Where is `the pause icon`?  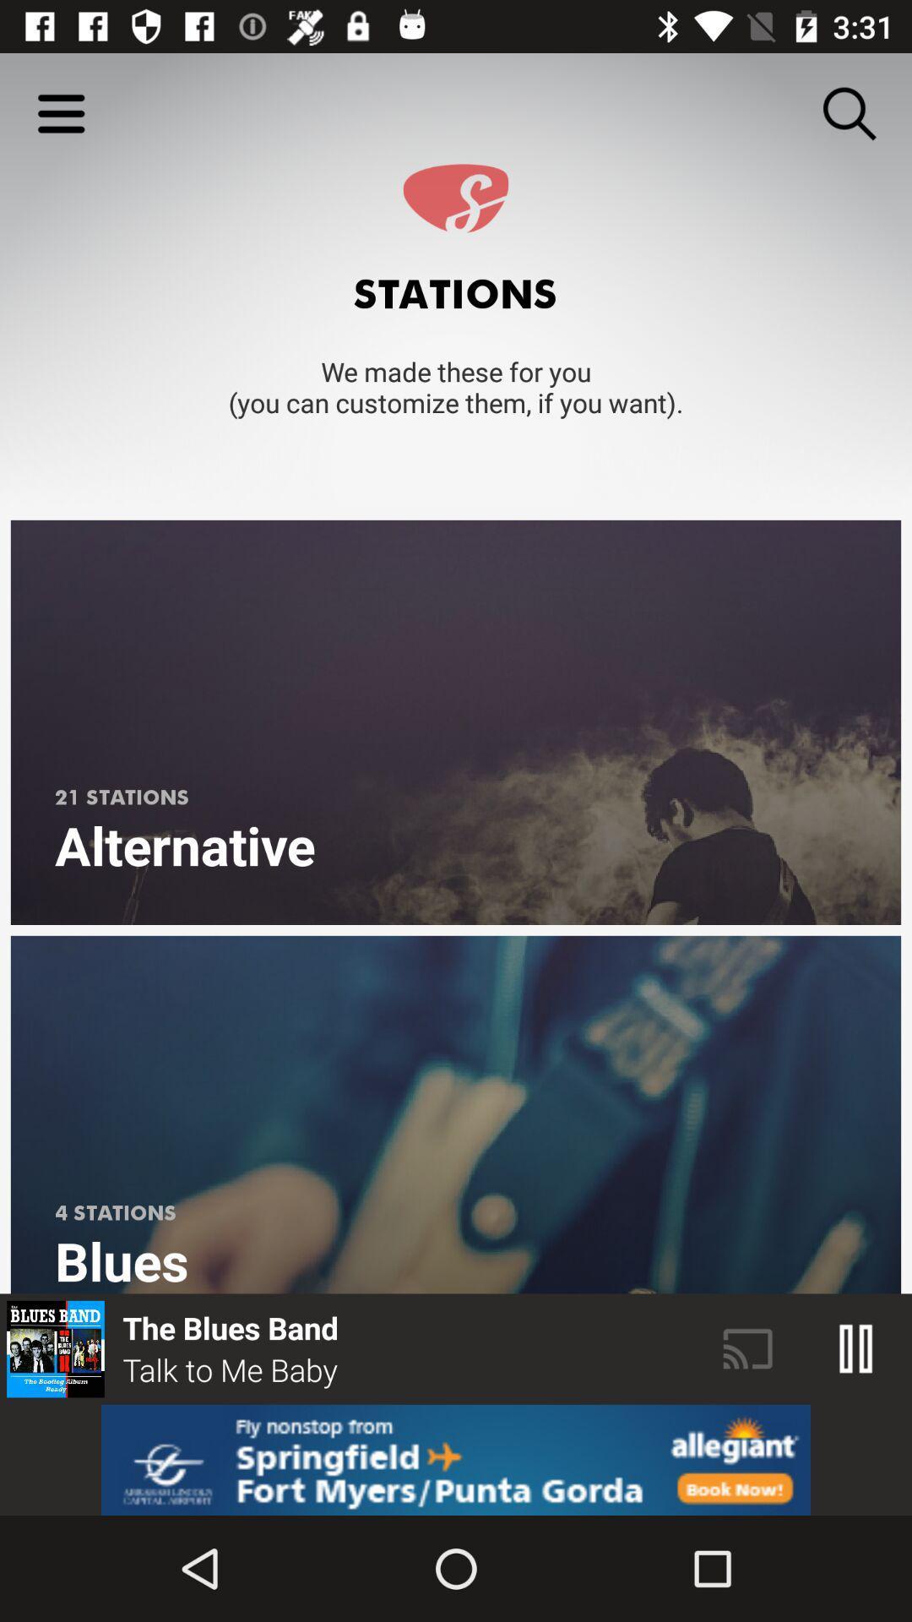 the pause icon is located at coordinates (856, 1348).